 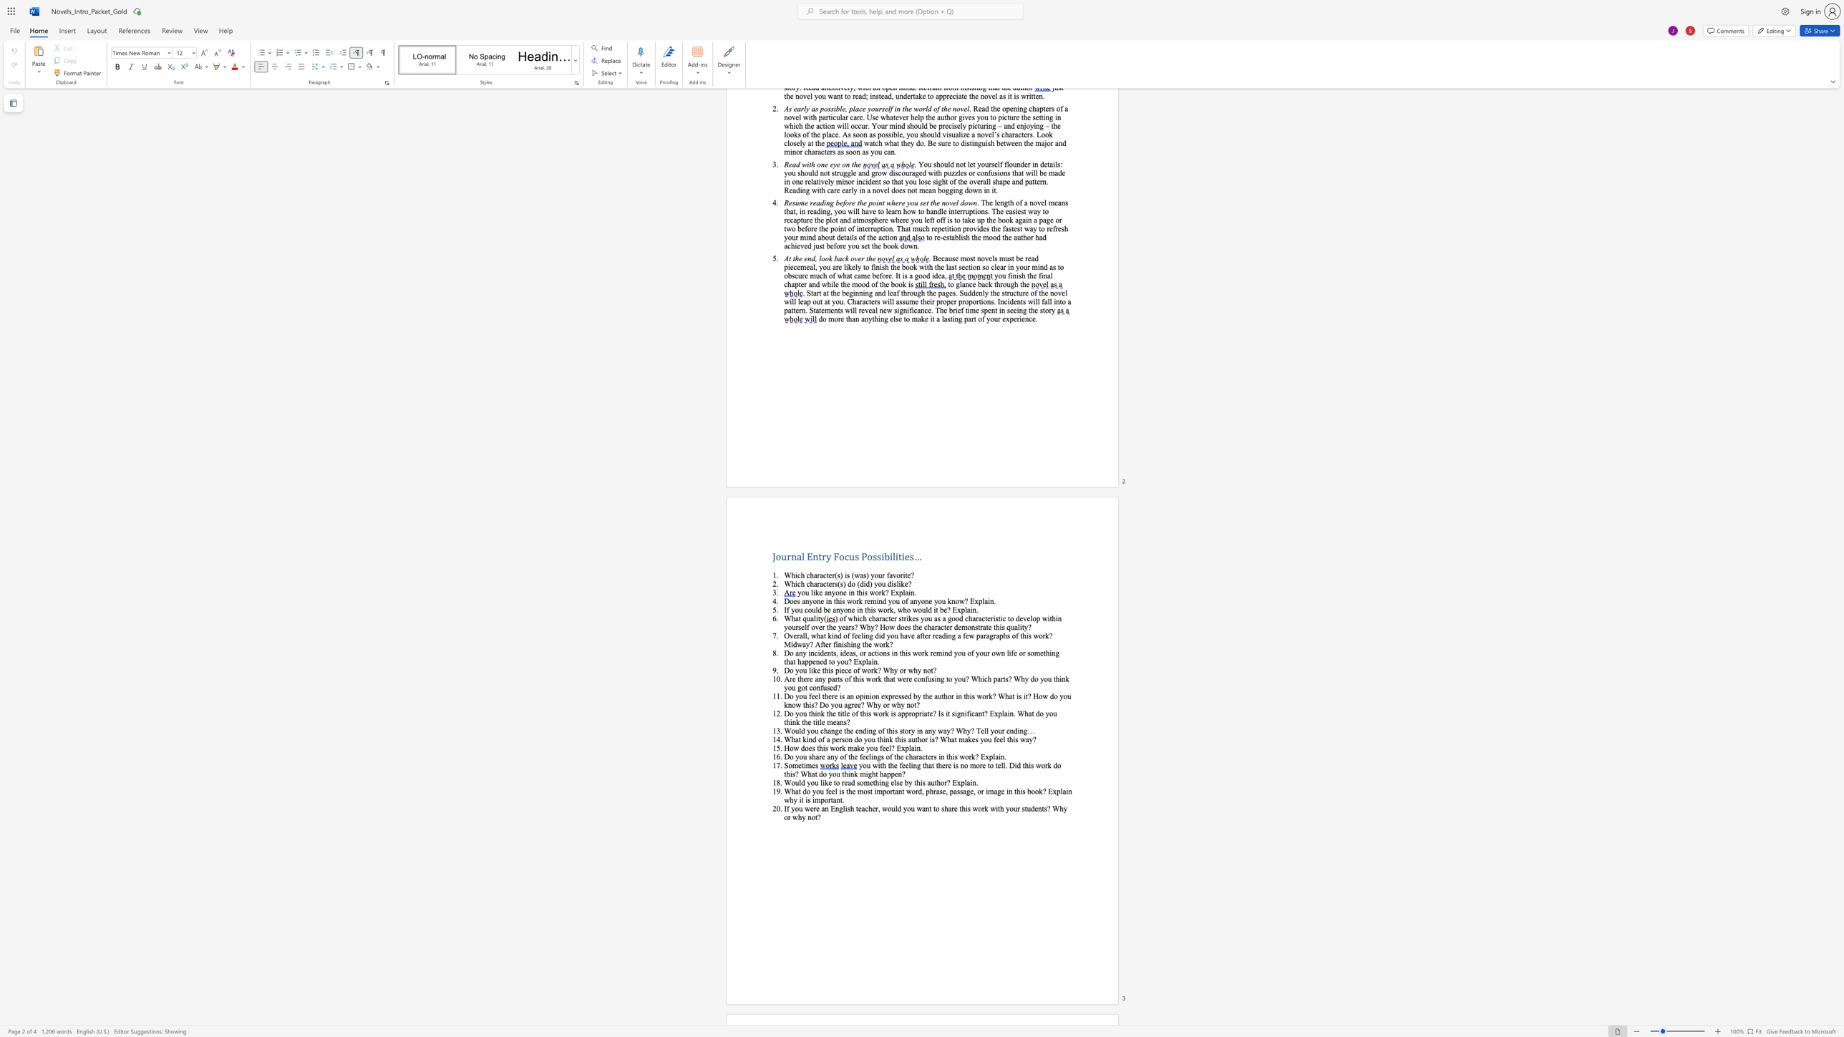 I want to click on the subset text "of a person do you think th" within the text "What kind of a person do you think this author is? What makes you feel this way?", so click(x=817, y=739).